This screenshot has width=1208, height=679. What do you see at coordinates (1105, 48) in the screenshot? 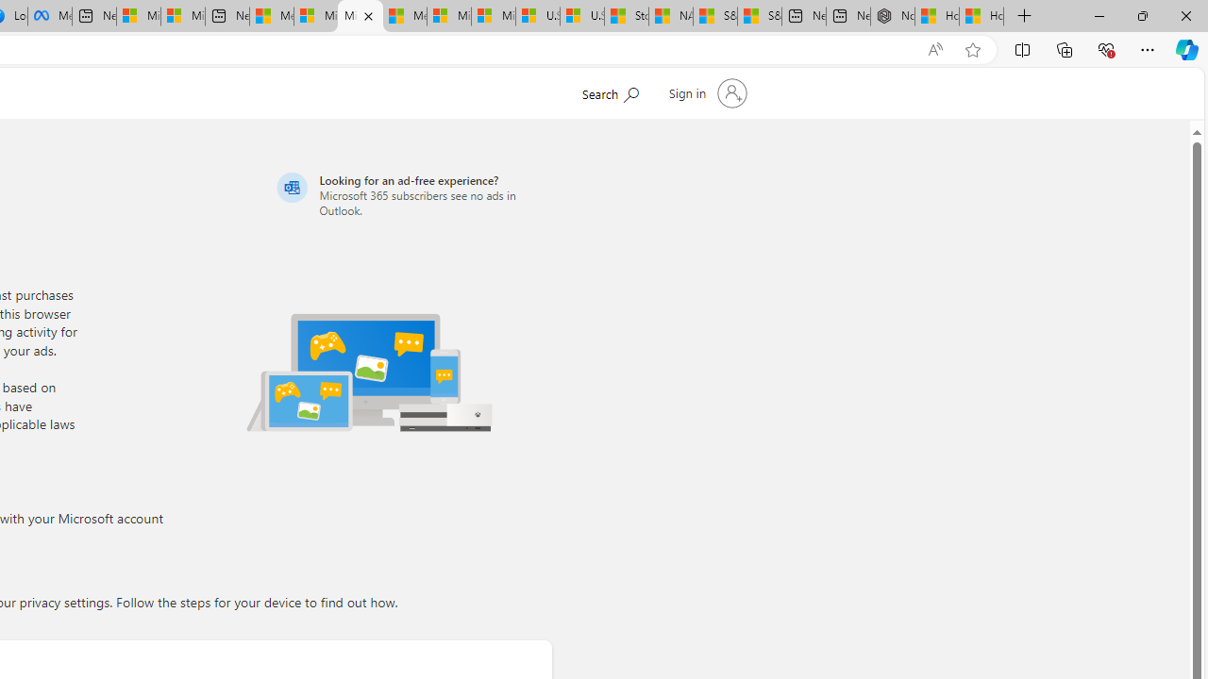
I see `'Browser essentials'` at bounding box center [1105, 48].